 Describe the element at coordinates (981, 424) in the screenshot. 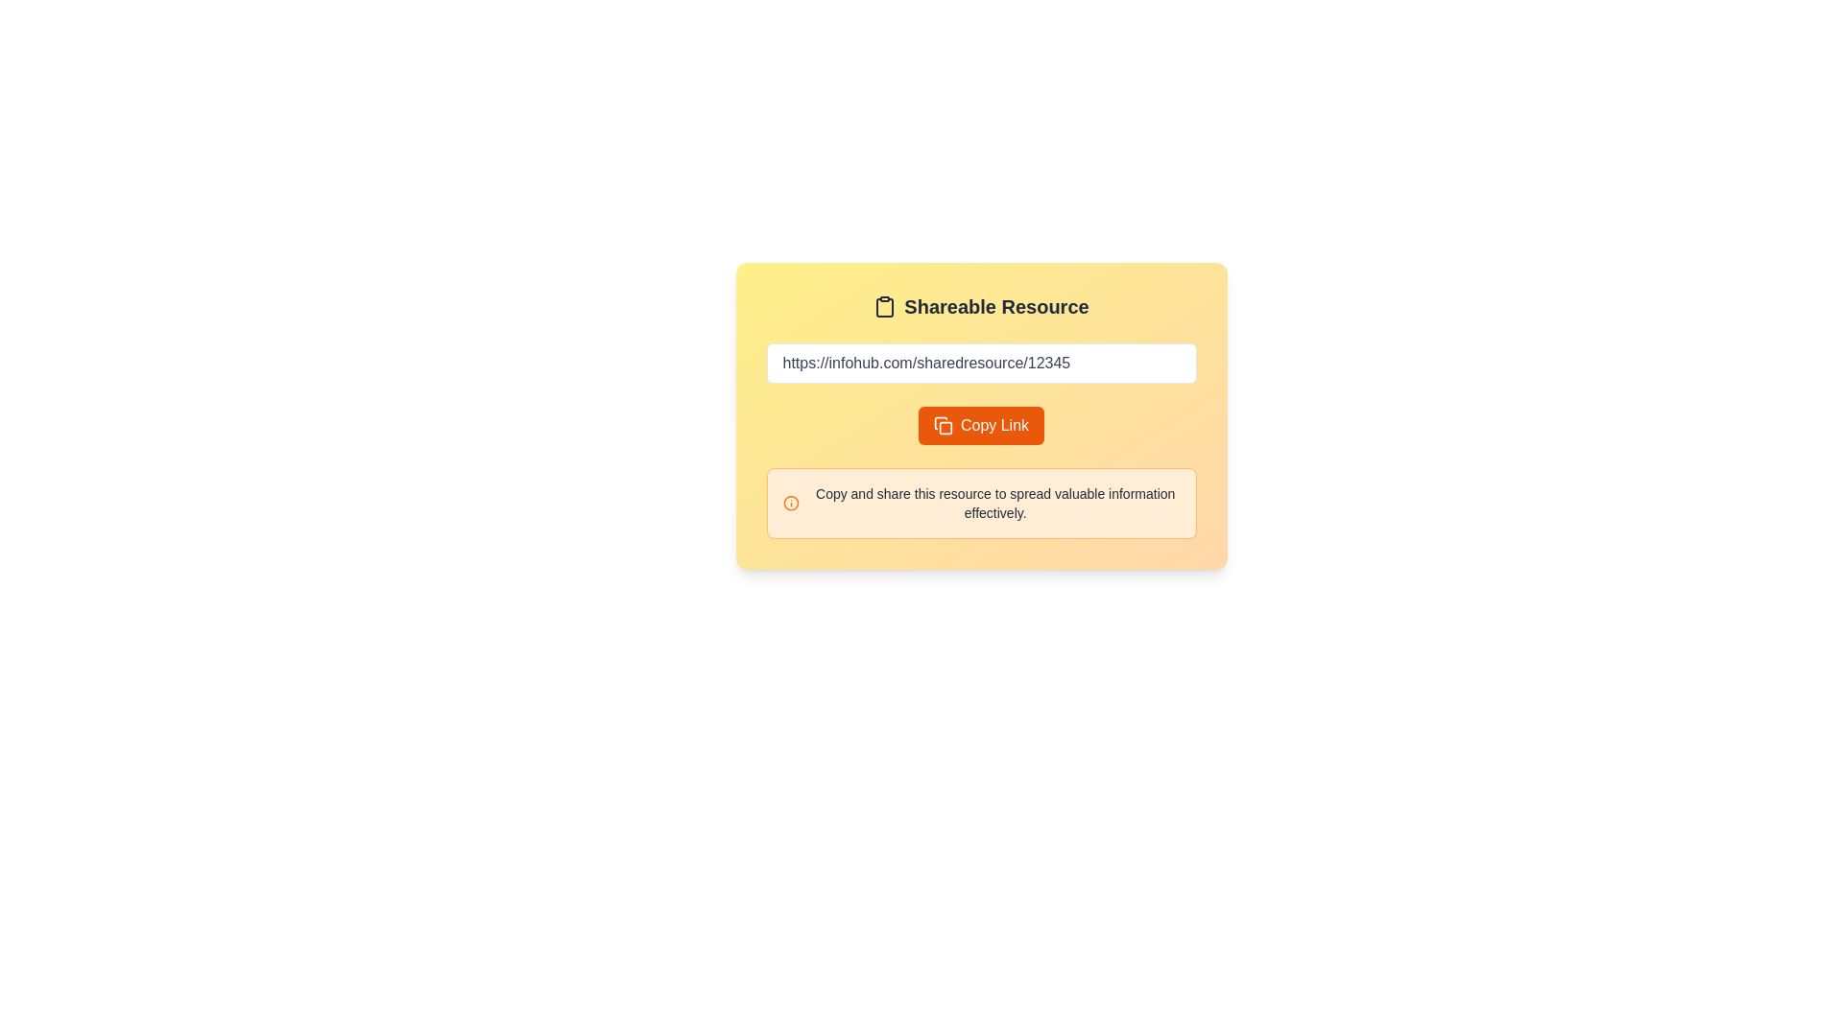

I see `the button located at the center of the pop-up card, directly below the text input field, to copy the link displayed above it to the clipboard` at that location.